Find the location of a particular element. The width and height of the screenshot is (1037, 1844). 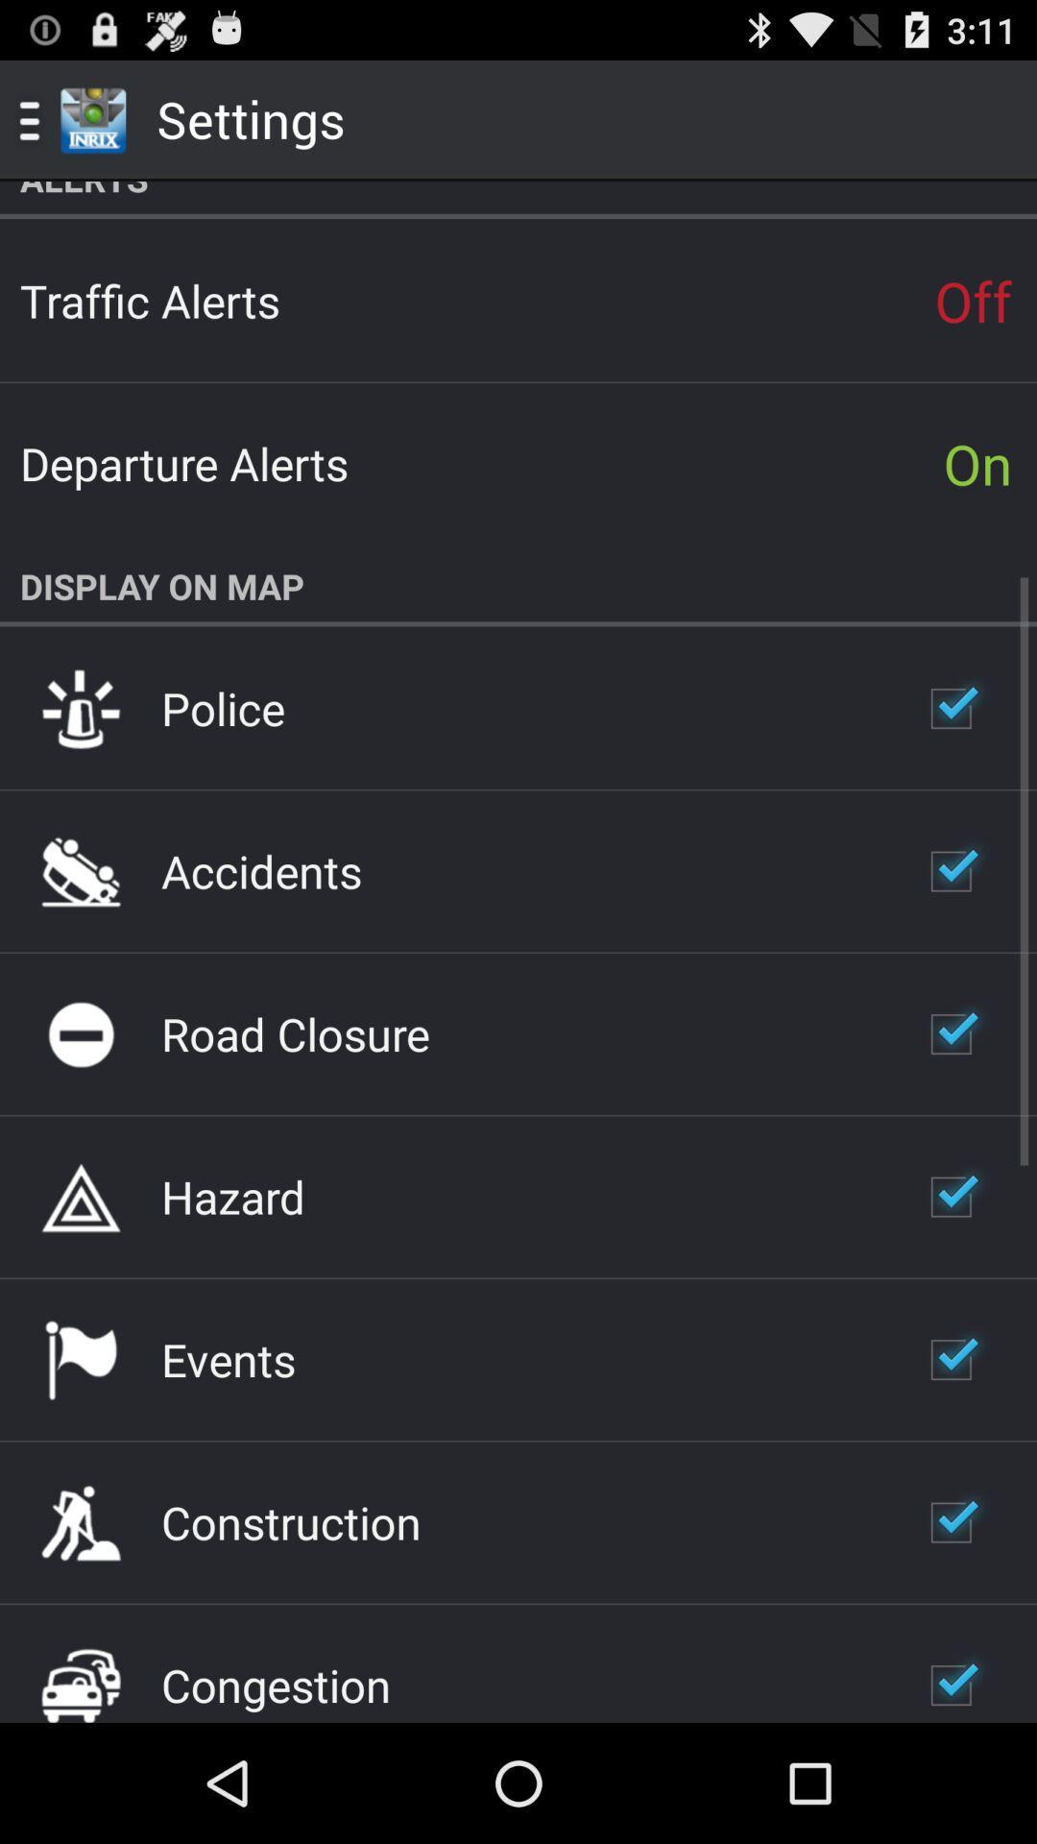

the app below on item is located at coordinates (518, 585).